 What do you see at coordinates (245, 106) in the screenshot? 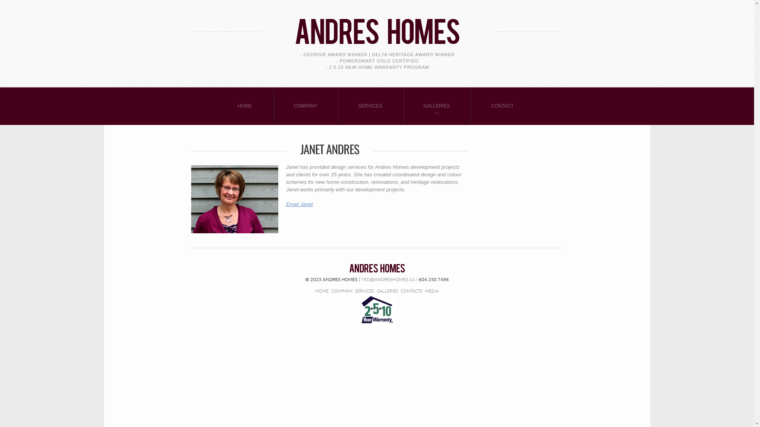
I see `'HOME'` at bounding box center [245, 106].